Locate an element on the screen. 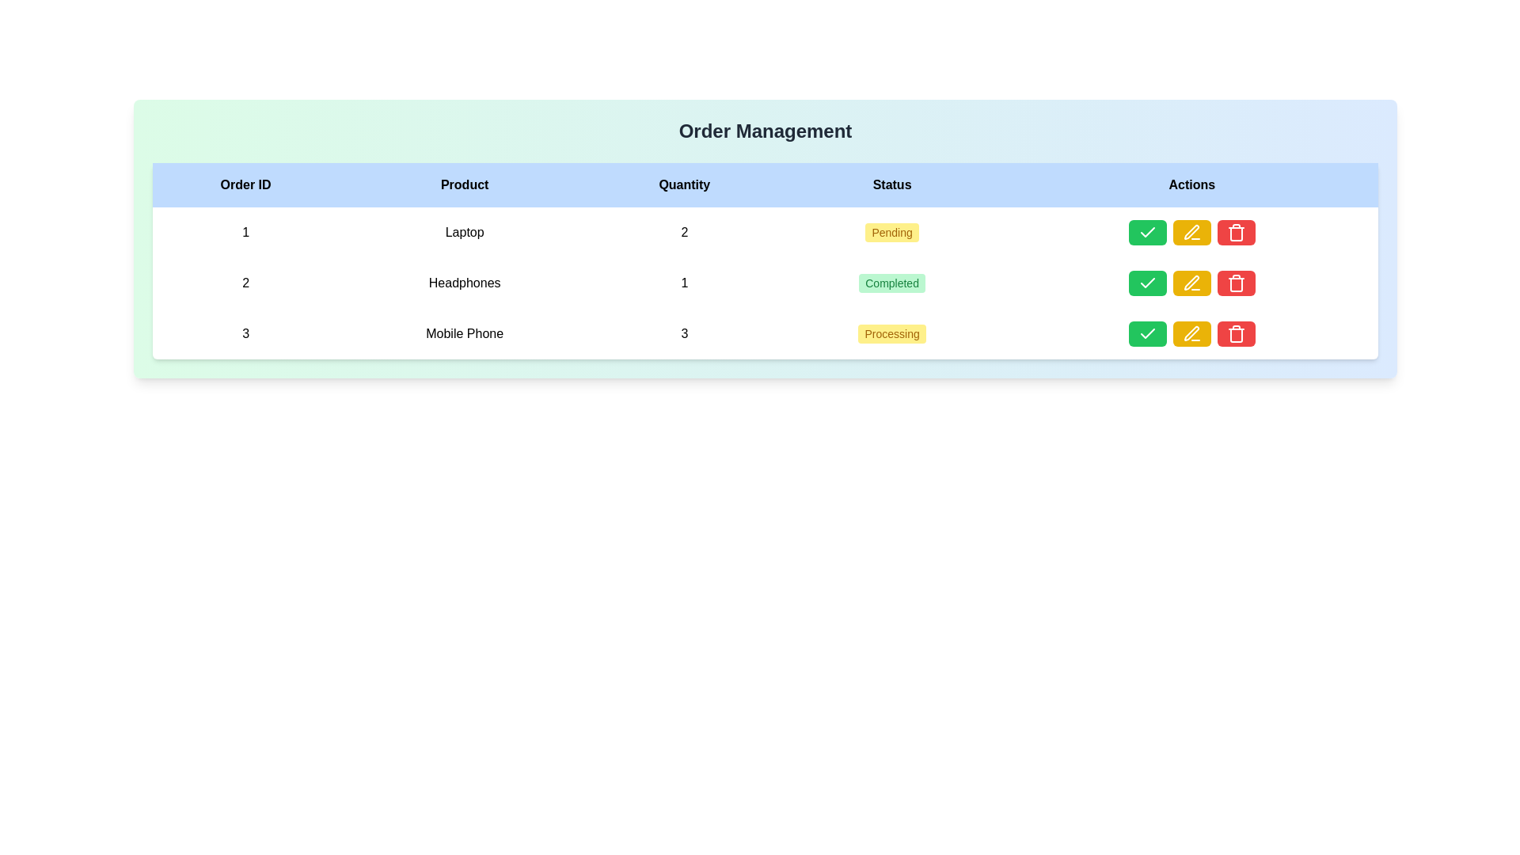 The width and height of the screenshot is (1520, 855). the 'Edit' button in the 'Actions' column for 'Order ID 1' to initiate editing is located at coordinates (1191, 232).